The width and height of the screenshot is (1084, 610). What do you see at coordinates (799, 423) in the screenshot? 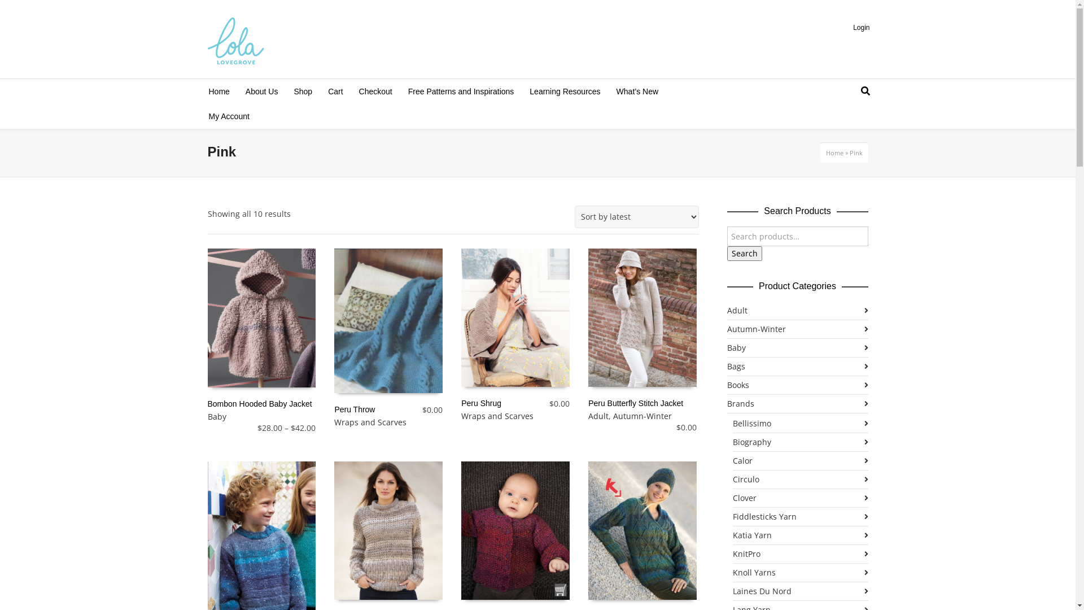
I see `'Bellissimo'` at bounding box center [799, 423].